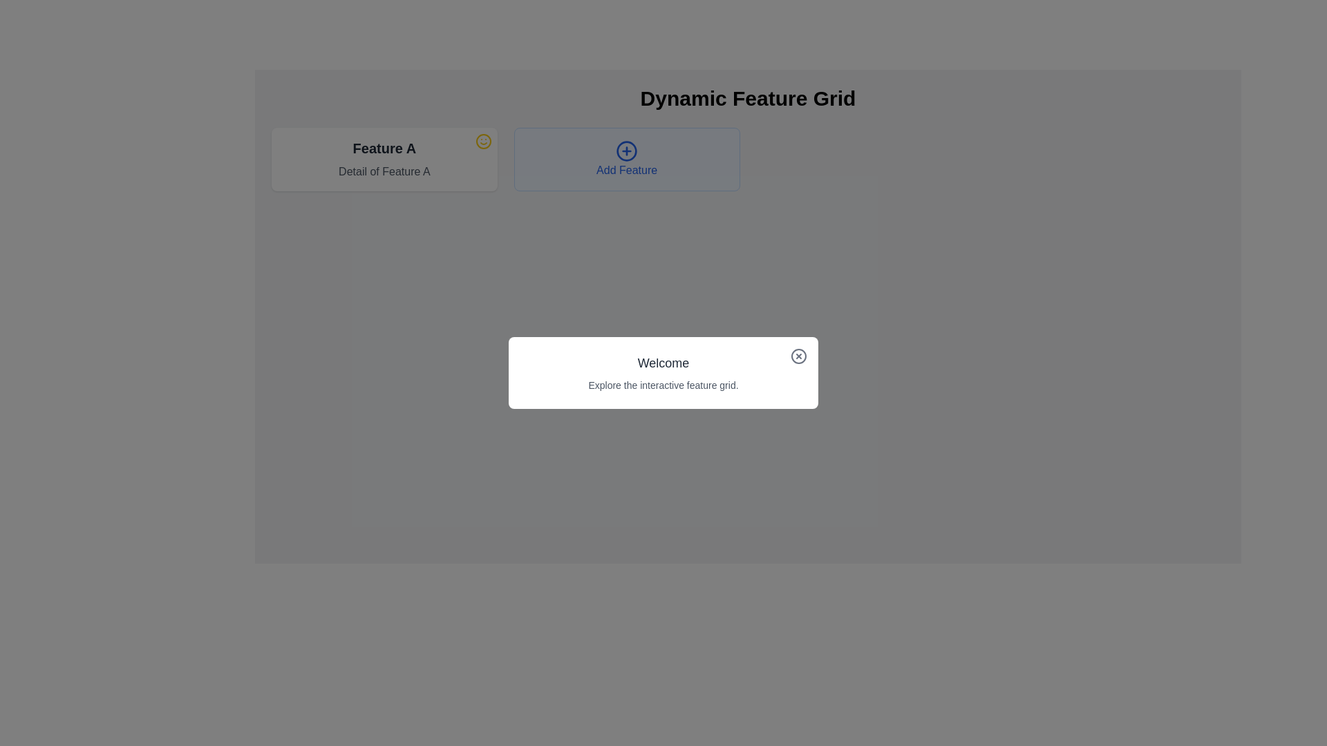  Describe the element at coordinates (747, 97) in the screenshot. I see `the Text Header element located at the top of the page, which serves as the title for the interface section, to focus on it` at that location.